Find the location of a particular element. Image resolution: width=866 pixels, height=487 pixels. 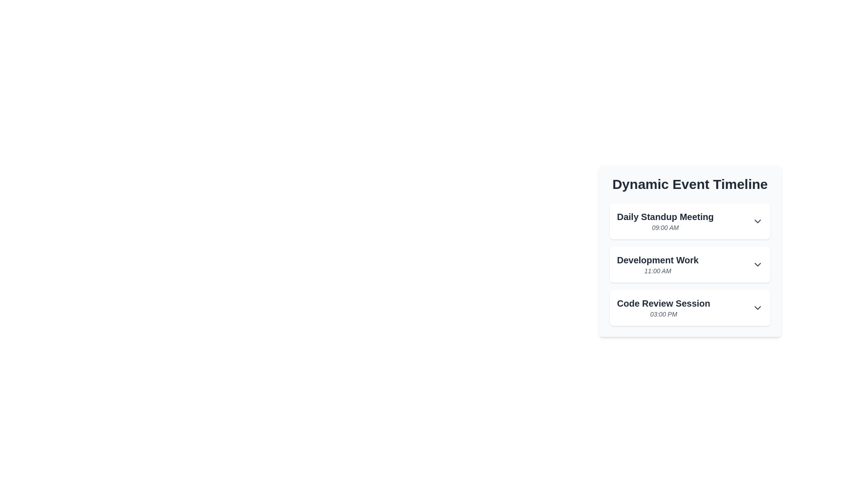

the downward-facing triangle icon representing the dropdown toggle button located in the rightmost portion of the 'Development Work' row is located at coordinates (758, 264).